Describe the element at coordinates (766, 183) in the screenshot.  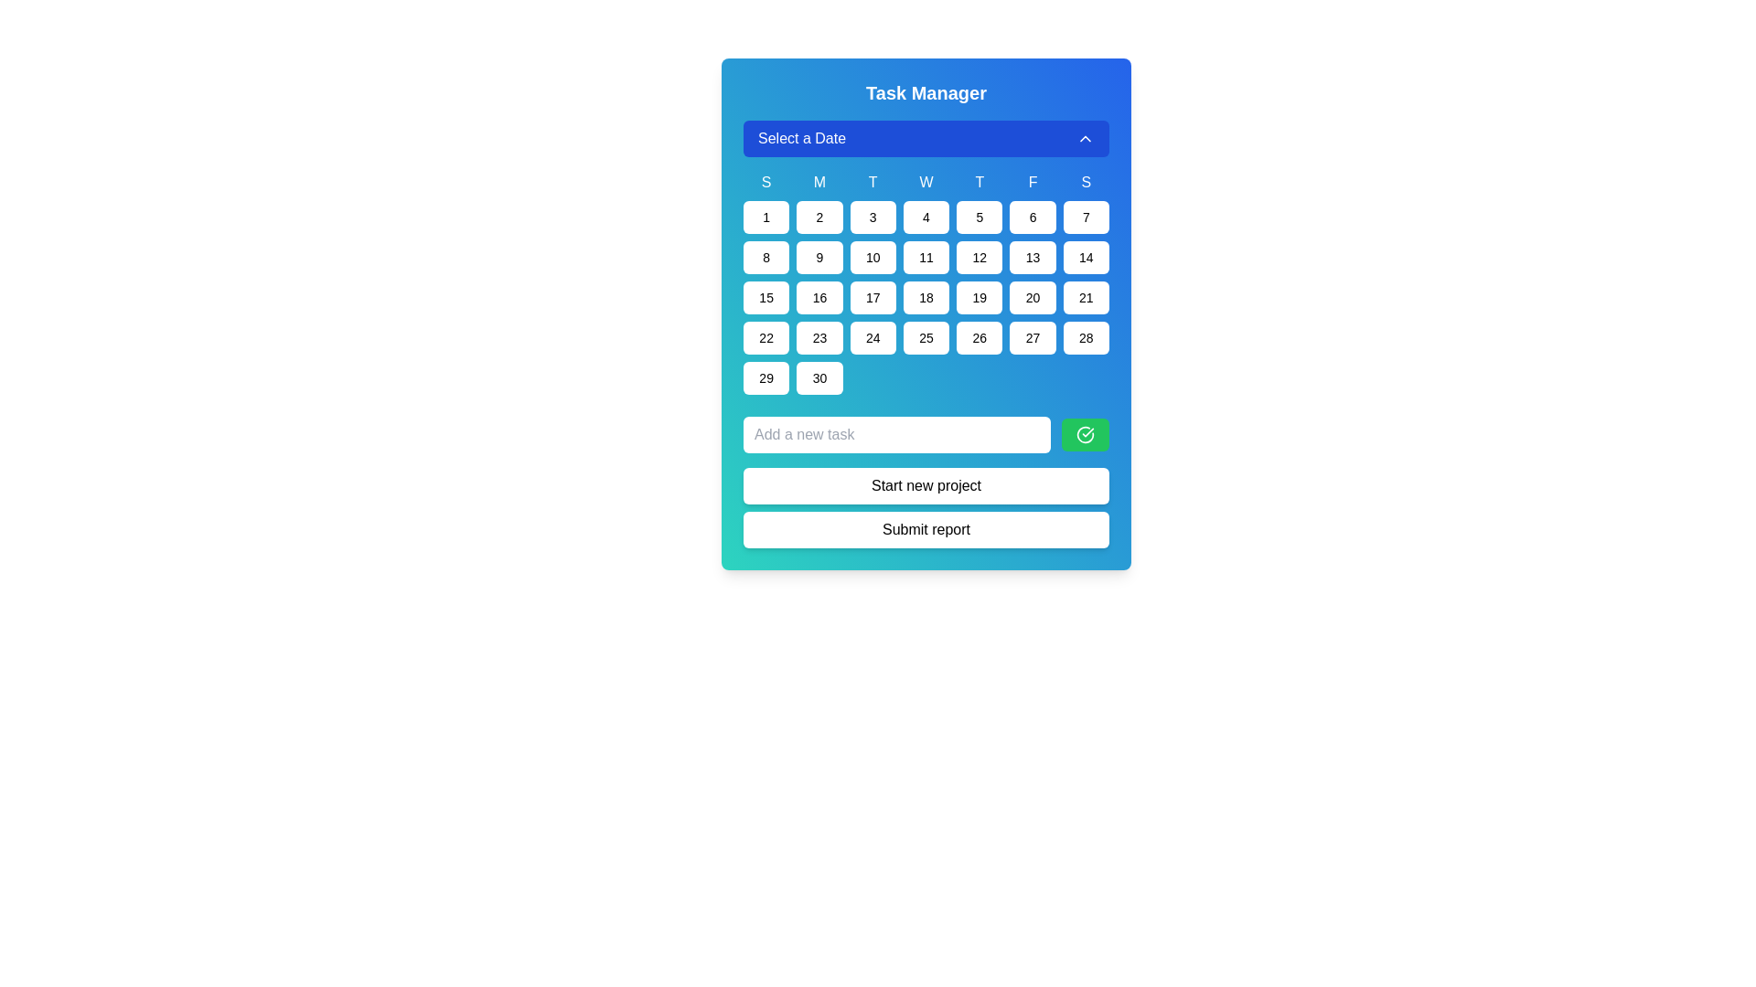
I see `the text label displaying the character 'S' in white font on a blue background, which represents the first day in the row of weekday abbreviations` at that location.